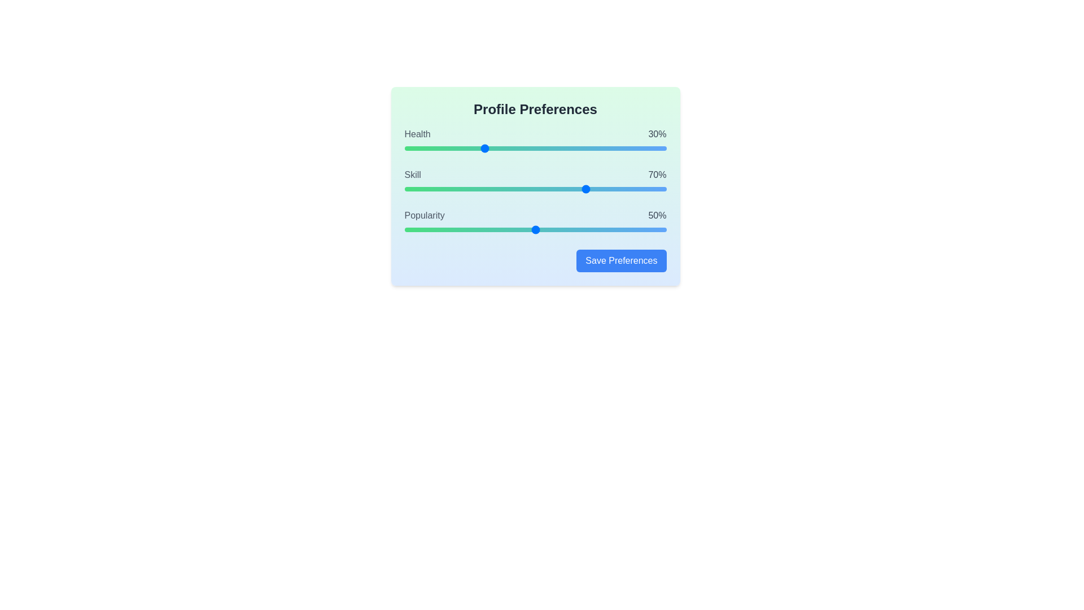  I want to click on the popularity slider to 3%, so click(412, 229).